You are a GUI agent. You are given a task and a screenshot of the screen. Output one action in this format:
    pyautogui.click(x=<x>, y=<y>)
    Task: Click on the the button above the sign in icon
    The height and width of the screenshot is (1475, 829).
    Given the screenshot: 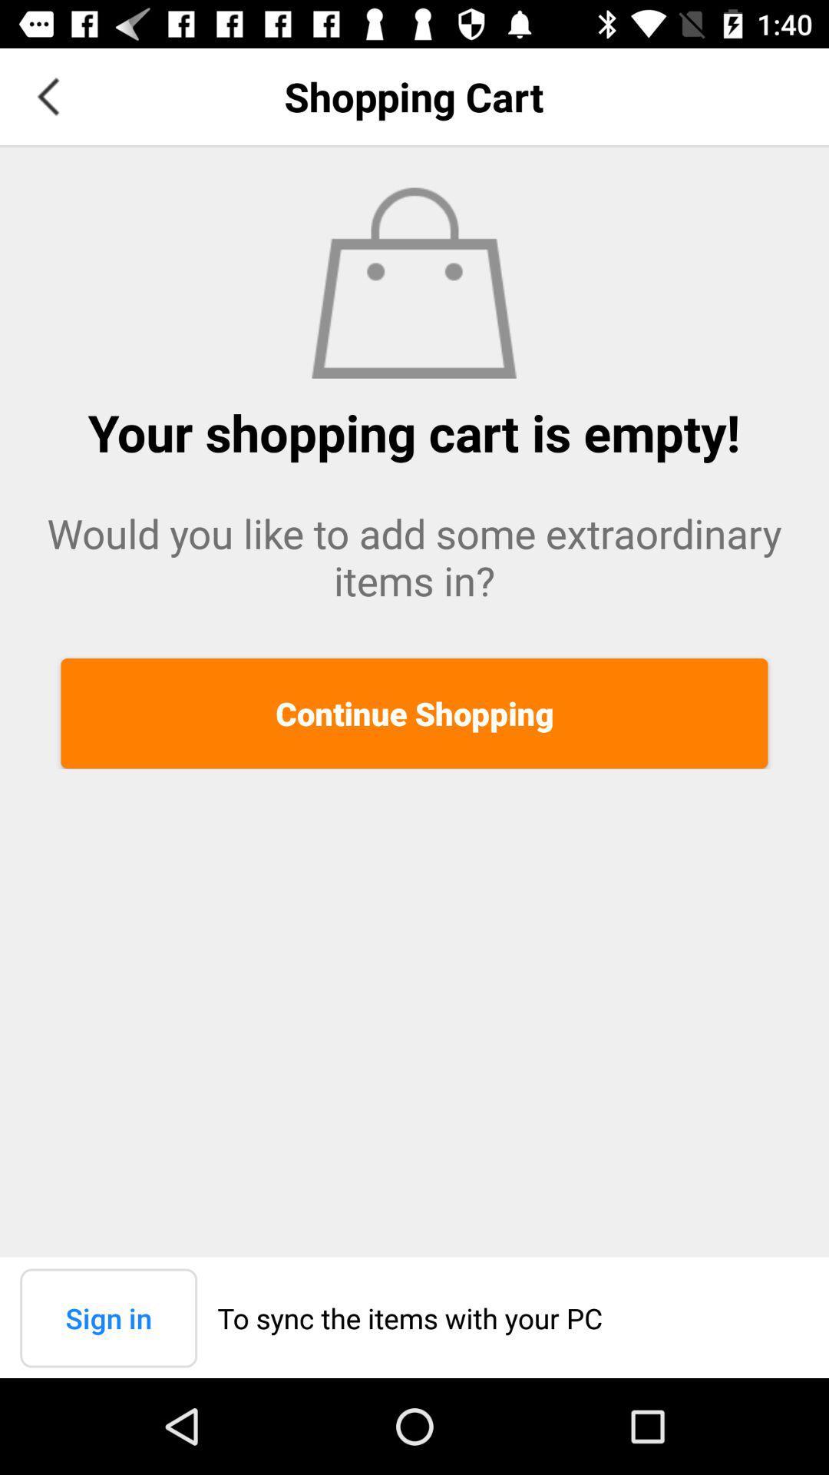 What is the action you would take?
    pyautogui.click(x=414, y=712)
    